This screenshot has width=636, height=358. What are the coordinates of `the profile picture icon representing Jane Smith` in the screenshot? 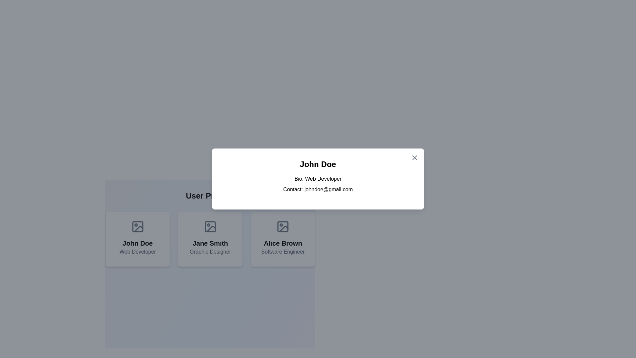 It's located at (210, 226).